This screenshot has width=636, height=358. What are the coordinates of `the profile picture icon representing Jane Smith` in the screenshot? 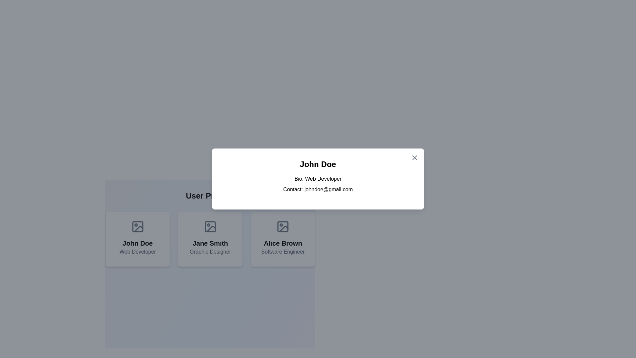 It's located at (210, 226).